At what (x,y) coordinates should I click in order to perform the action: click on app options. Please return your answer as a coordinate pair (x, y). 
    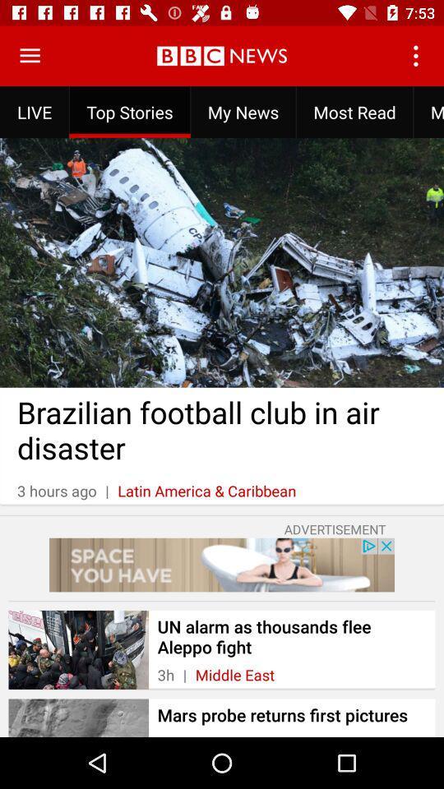
    Looking at the image, I should click on (30, 56).